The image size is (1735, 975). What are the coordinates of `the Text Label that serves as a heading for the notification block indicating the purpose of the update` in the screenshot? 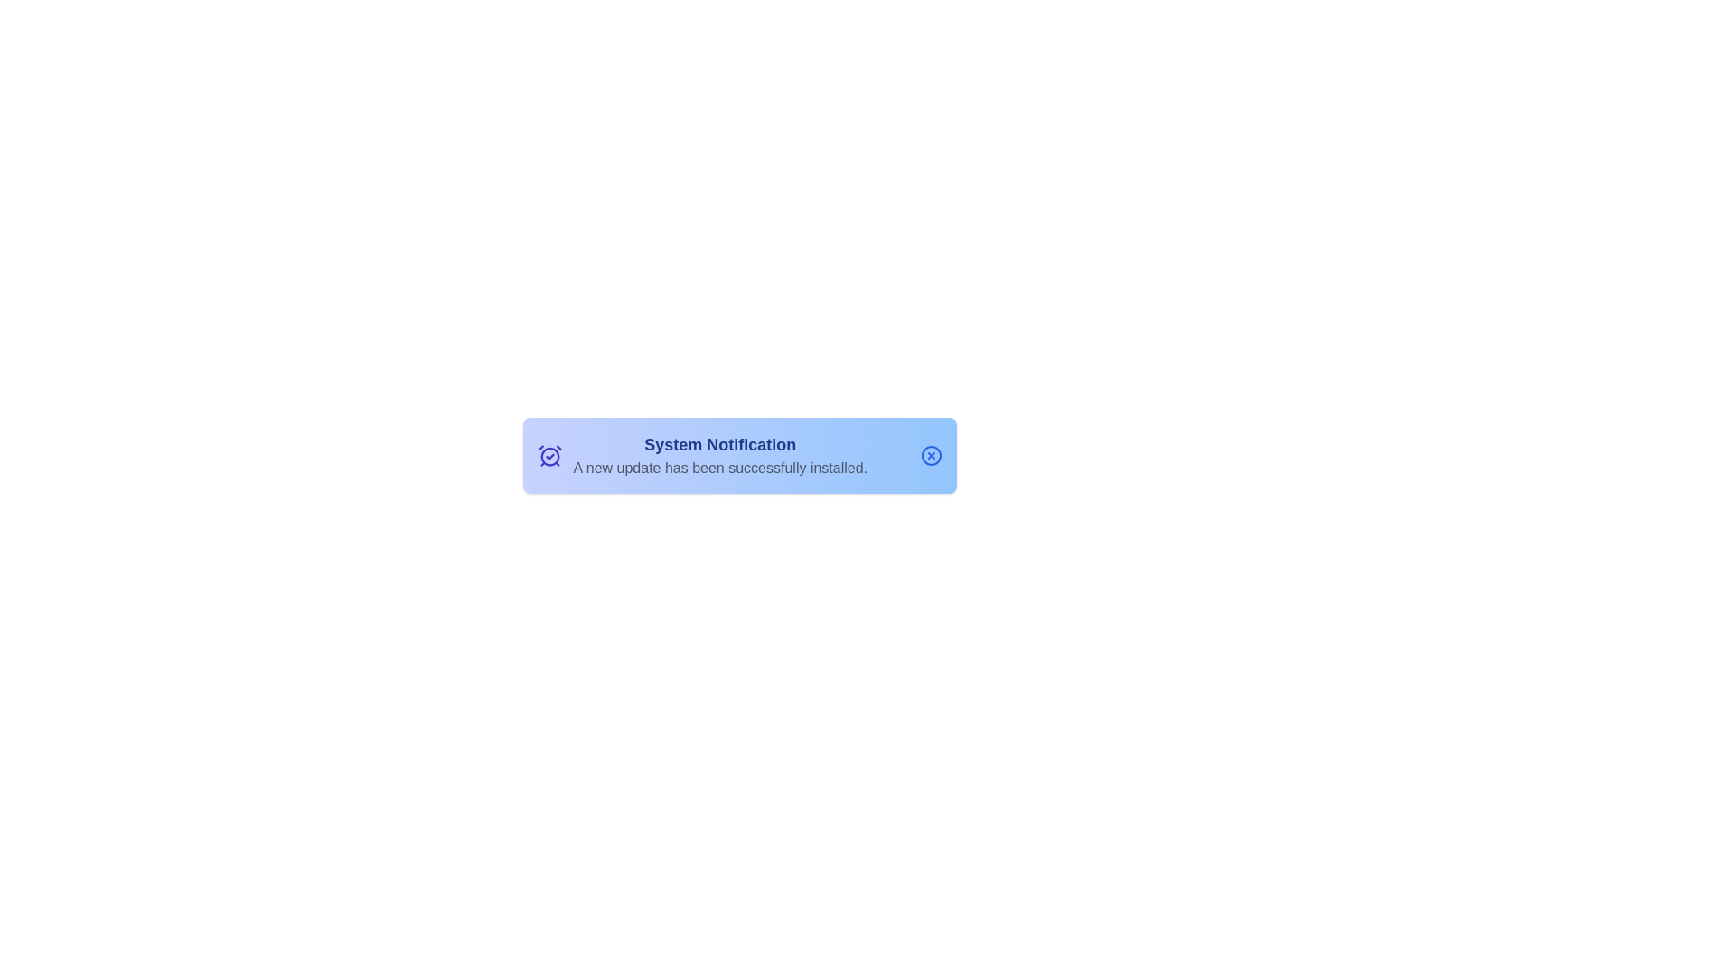 It's located at (719, 445).